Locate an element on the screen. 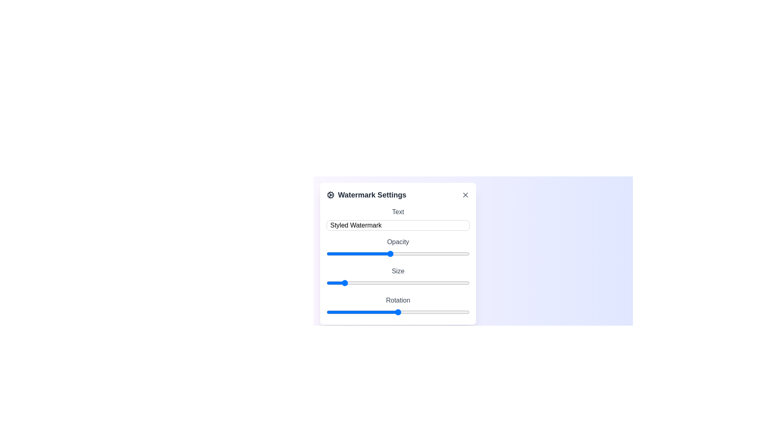  within the Settings Panel, which has a white background and contains user interface components like 'Watermark Settings', to interact with its sub-elements is located at coordinates (473, 245).